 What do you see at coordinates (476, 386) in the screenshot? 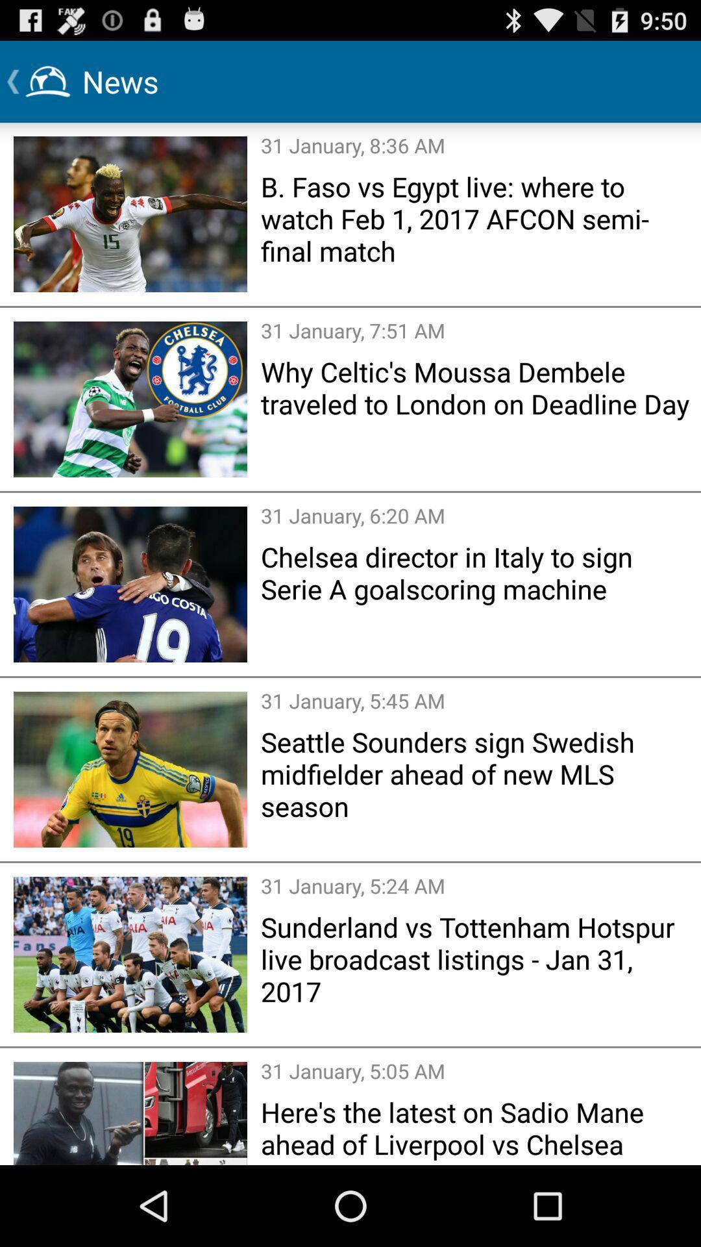
I see `item above the 31 january 6 item` at bounding box center [476, 386].